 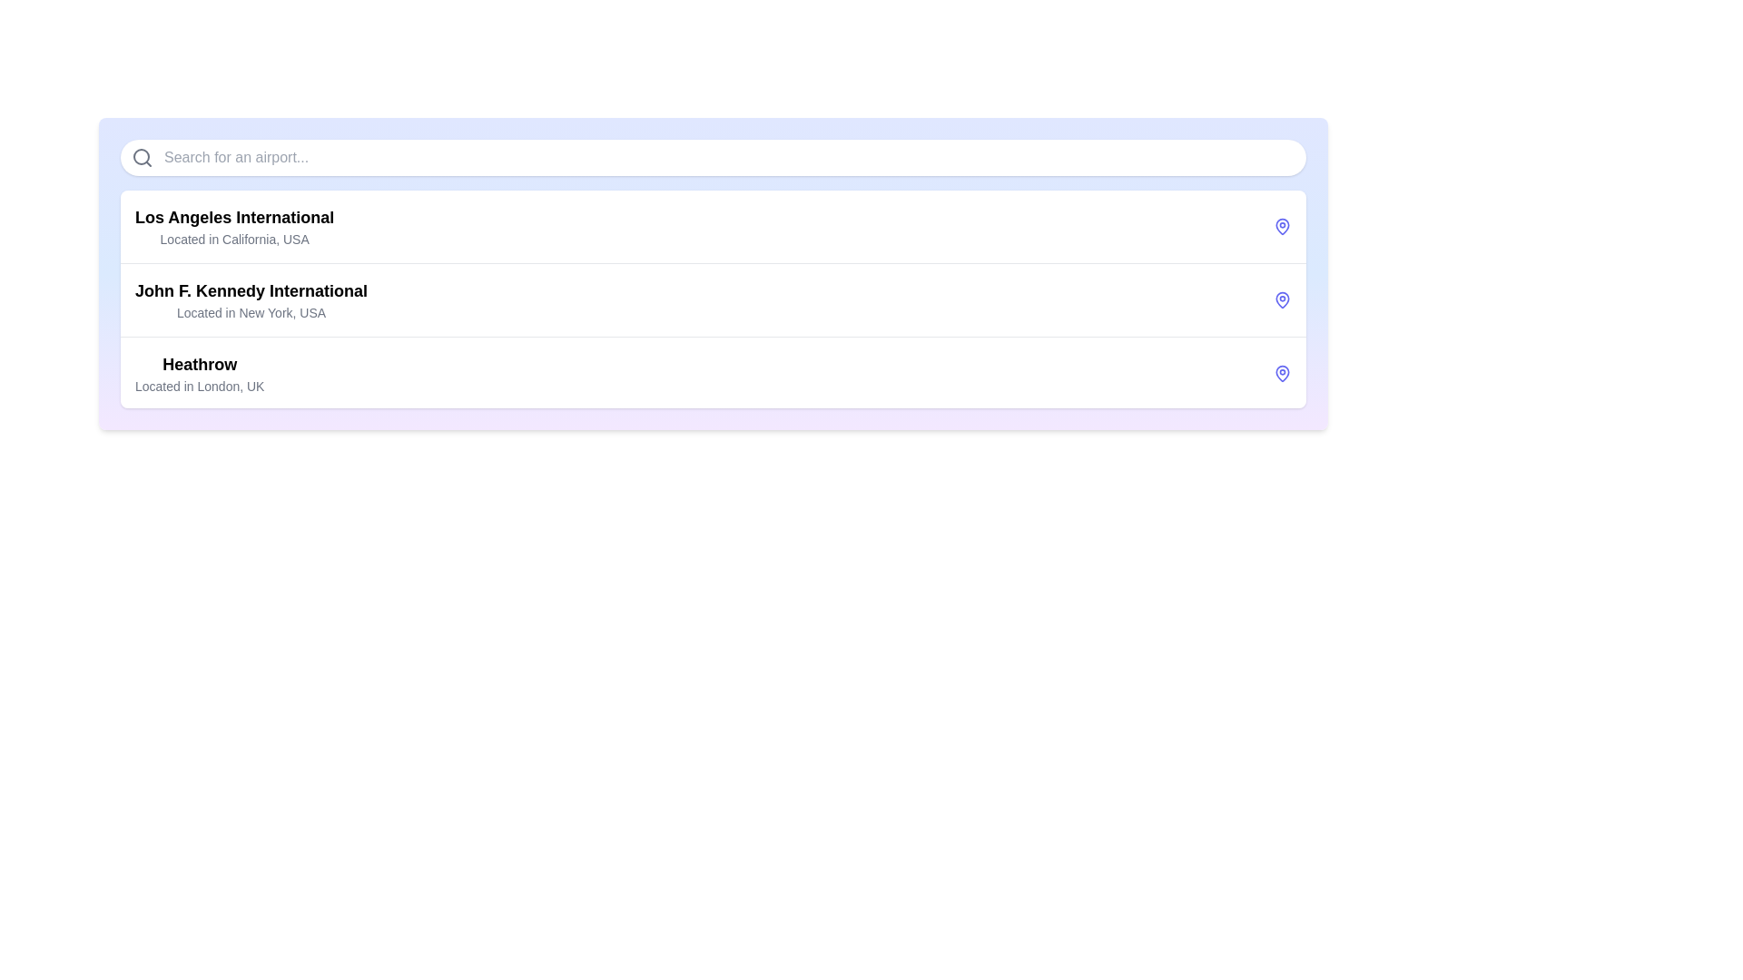 I want to click on the decorative icon located to the far right of the first list entry labeled 'Los Angeles International', so click(x=1281, y=226).